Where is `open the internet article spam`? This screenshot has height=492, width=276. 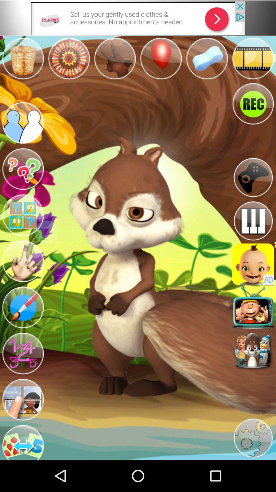
open the internet article spam is located at coordinates (138, 18).